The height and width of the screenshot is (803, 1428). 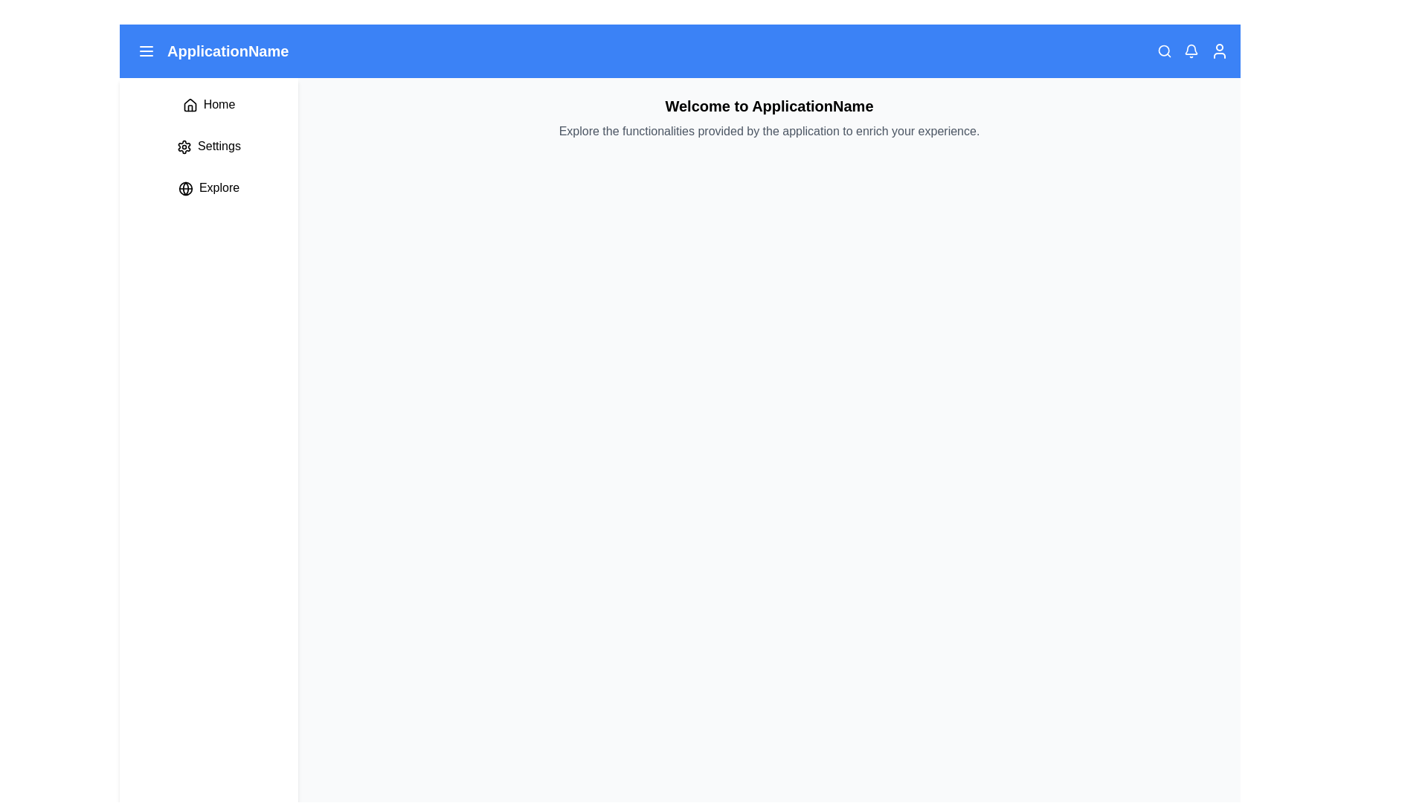 What do you see at coordinates (189, 104) in the screenshot?
I see `the house icon representing the Home option in the vertical navigation bar` at bounding box center [189, 104].